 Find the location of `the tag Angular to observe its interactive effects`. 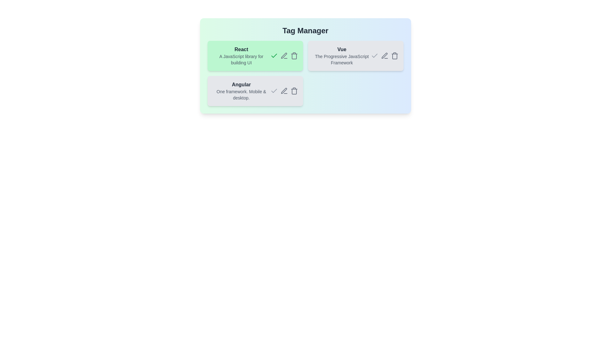

the tag Angular to observe its interactive effects is located at coordinates (241, 91).